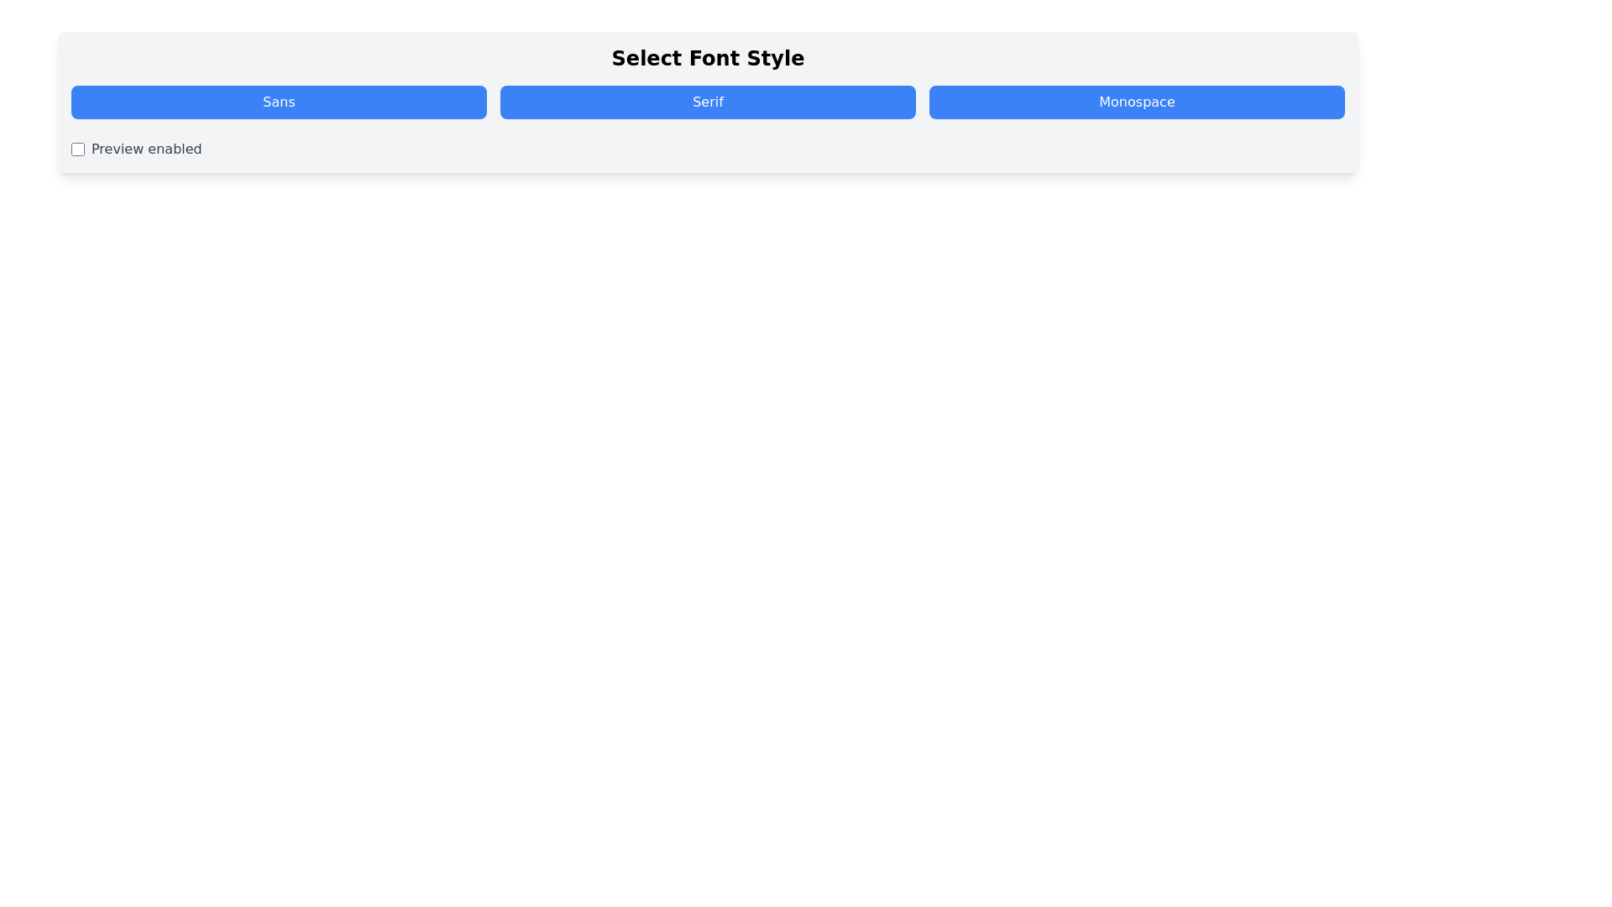  What do you see at coordinates (708, 57) in the screenshot?
I see `bold text label 'Select Font Style' positioned at the top central part of the interface, above the font selection buttons` at bounding box center [708, 57].